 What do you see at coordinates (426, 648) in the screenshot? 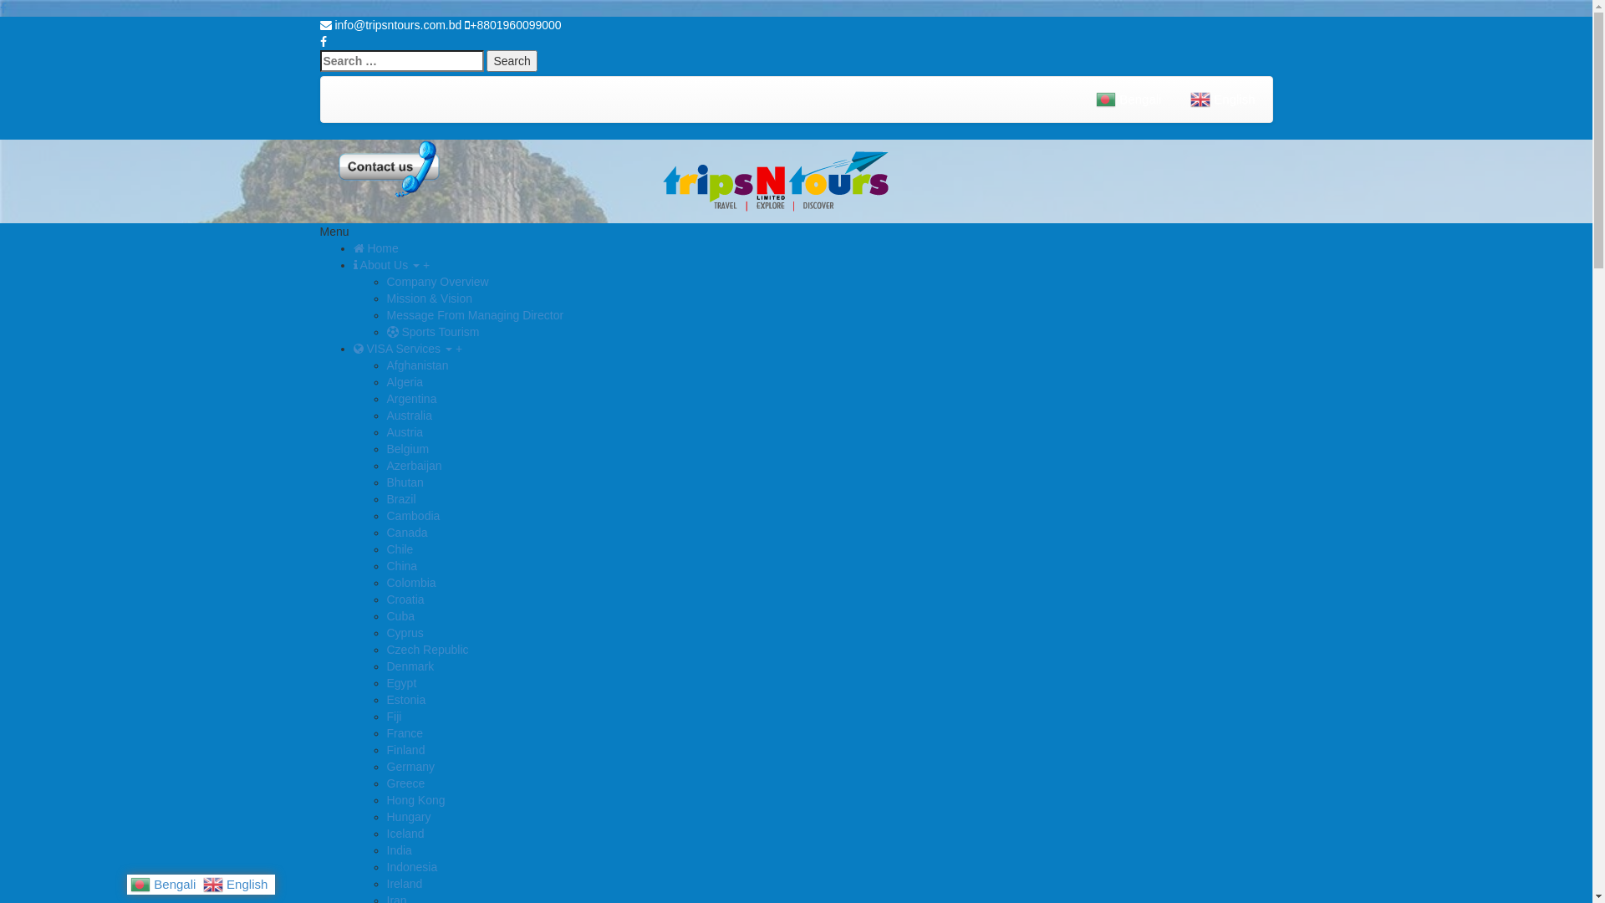
I see `'Czech Republic'` at bounding box center [426, 648].